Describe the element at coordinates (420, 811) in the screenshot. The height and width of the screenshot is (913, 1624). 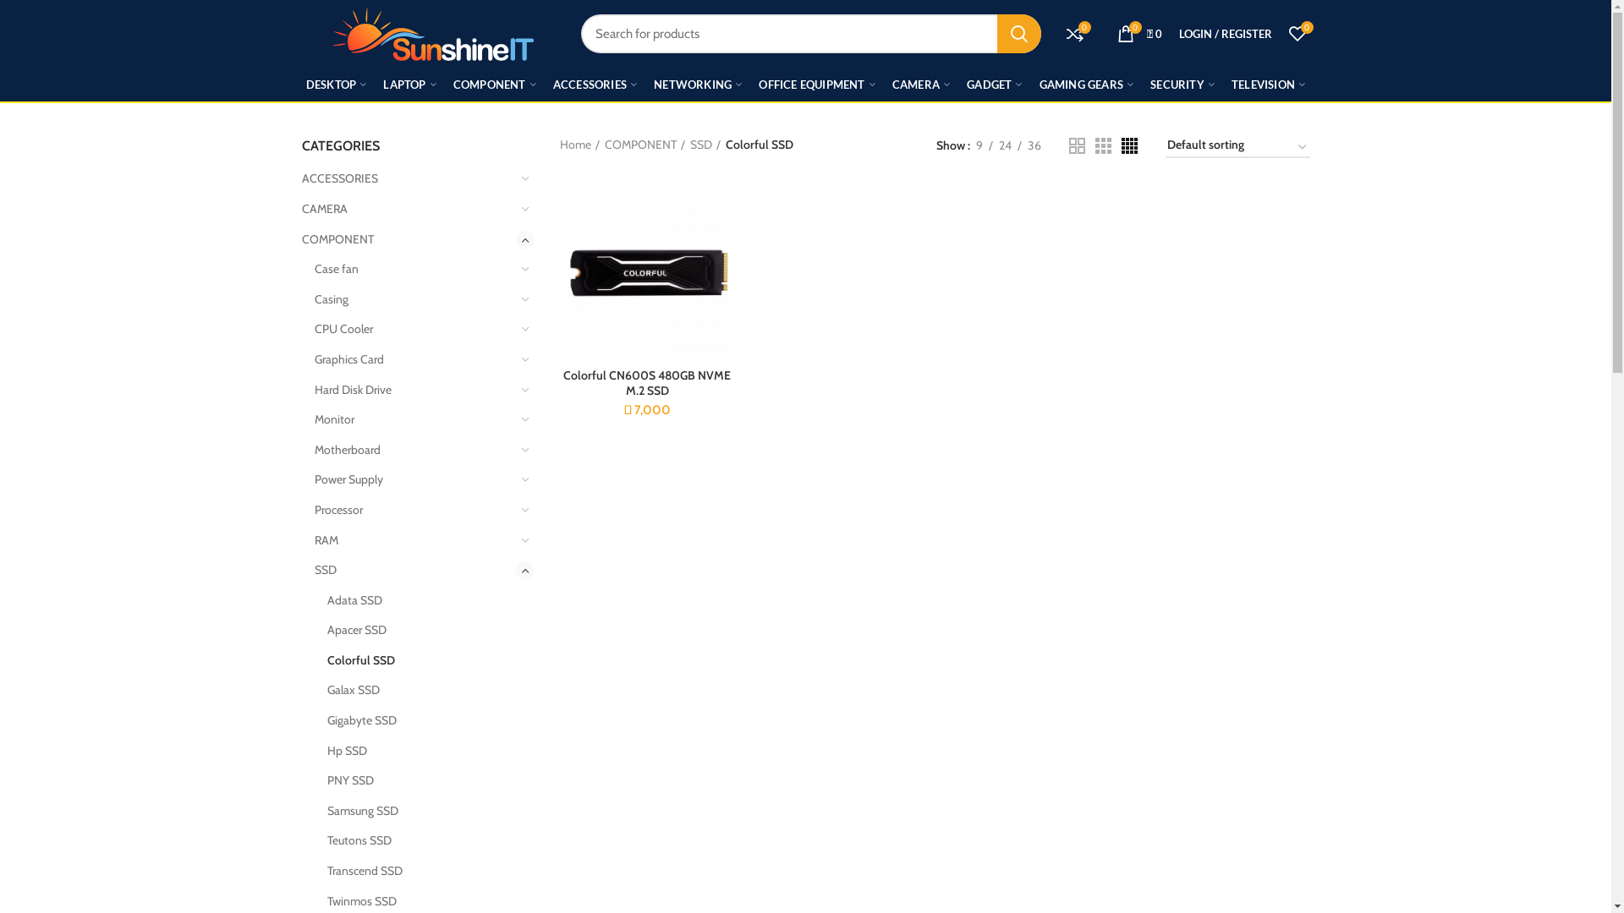
I see `'Samsung SSD'` at that location.